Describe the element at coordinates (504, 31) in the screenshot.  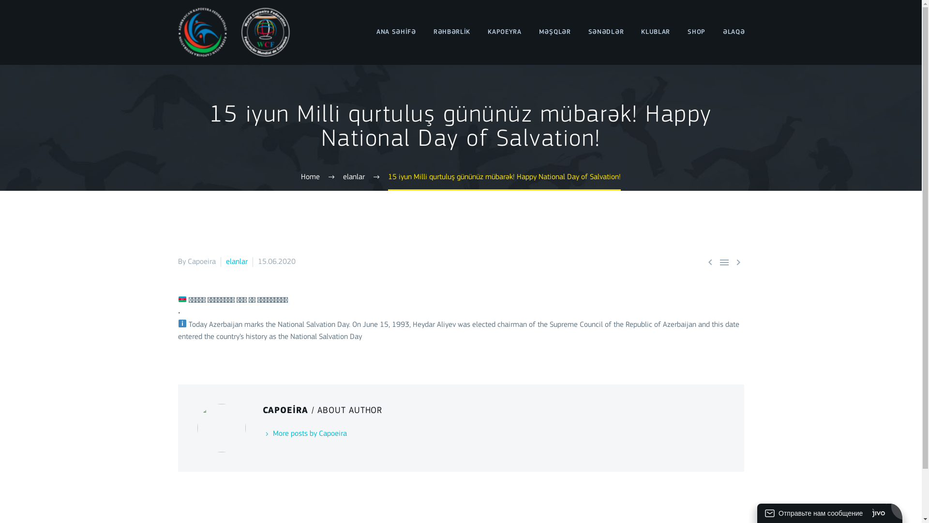
I see `'KAPOEYRA'` at that location.